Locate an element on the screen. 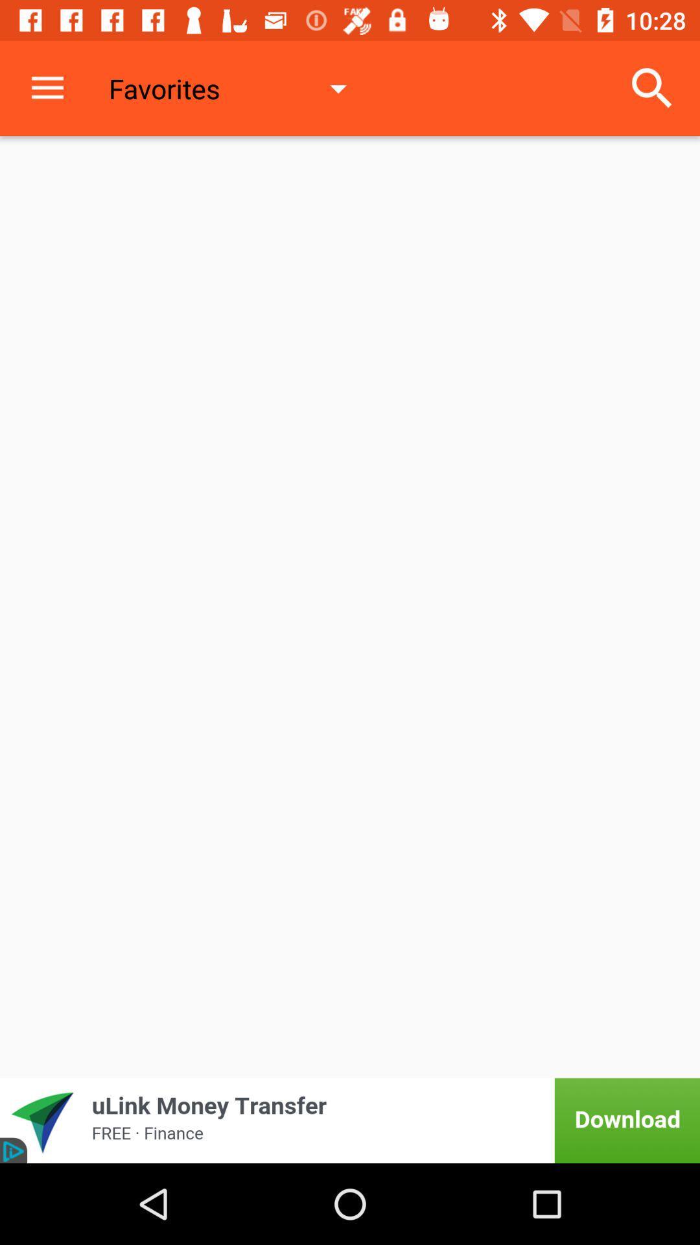 The width and height of the screenshot is (700, 1245). open advertisement is located at coordinates (350, 1120).